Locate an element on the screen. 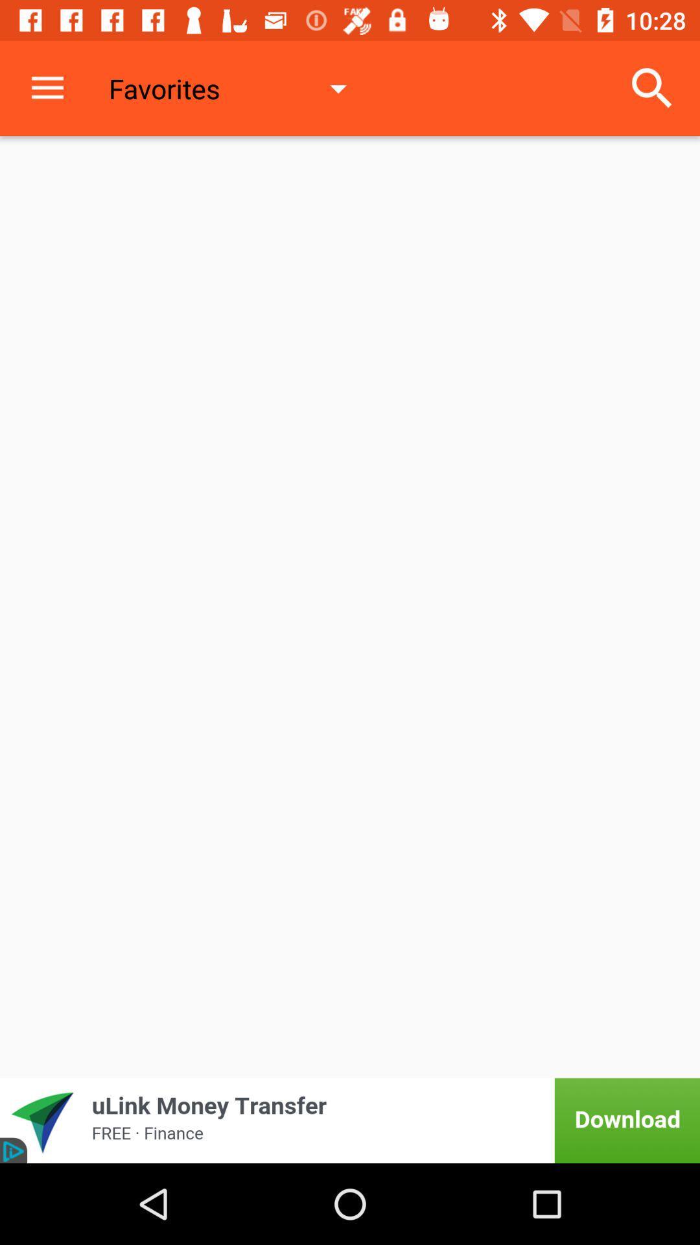 The width and height of the screenshot is (700, 1245). open advertisement is located at coordinates (350, 1120).